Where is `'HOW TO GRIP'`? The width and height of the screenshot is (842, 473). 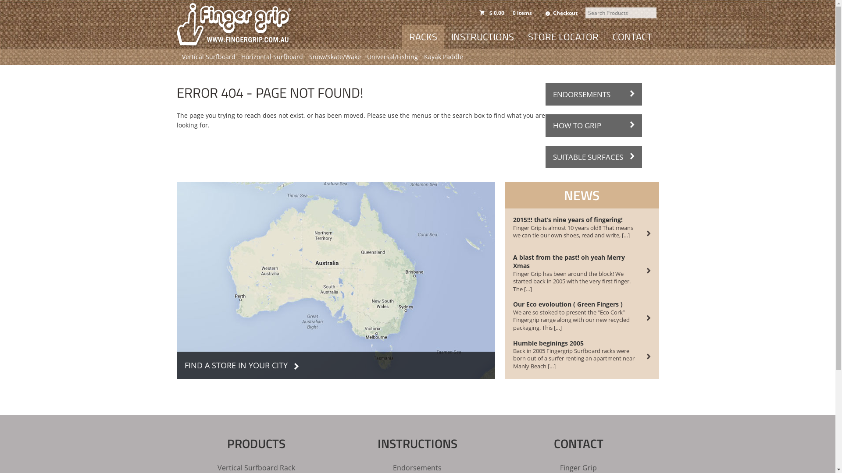
'HOW TO GRIP' is located at coordinates (593, 125).